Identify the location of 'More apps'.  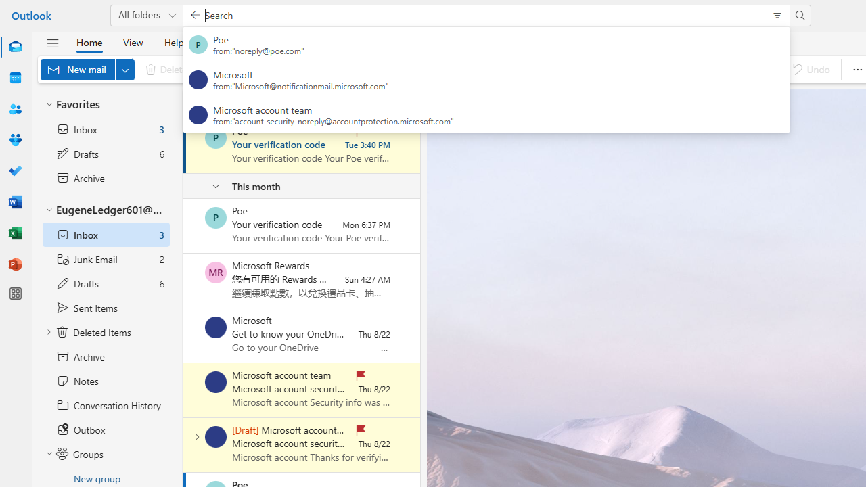
(16, 293).